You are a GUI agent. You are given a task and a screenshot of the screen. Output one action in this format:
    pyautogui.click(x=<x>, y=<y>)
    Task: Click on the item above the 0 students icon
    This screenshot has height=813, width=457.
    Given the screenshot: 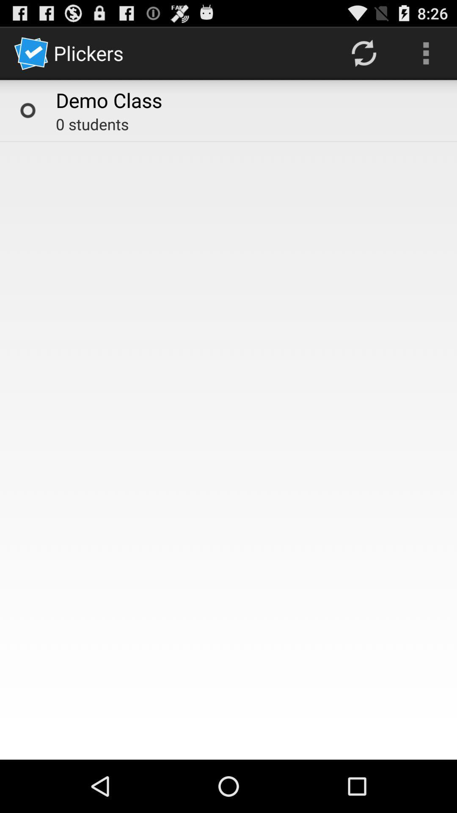 What is the action you would take?
    pyautogui.click(x=108, y=100)
    